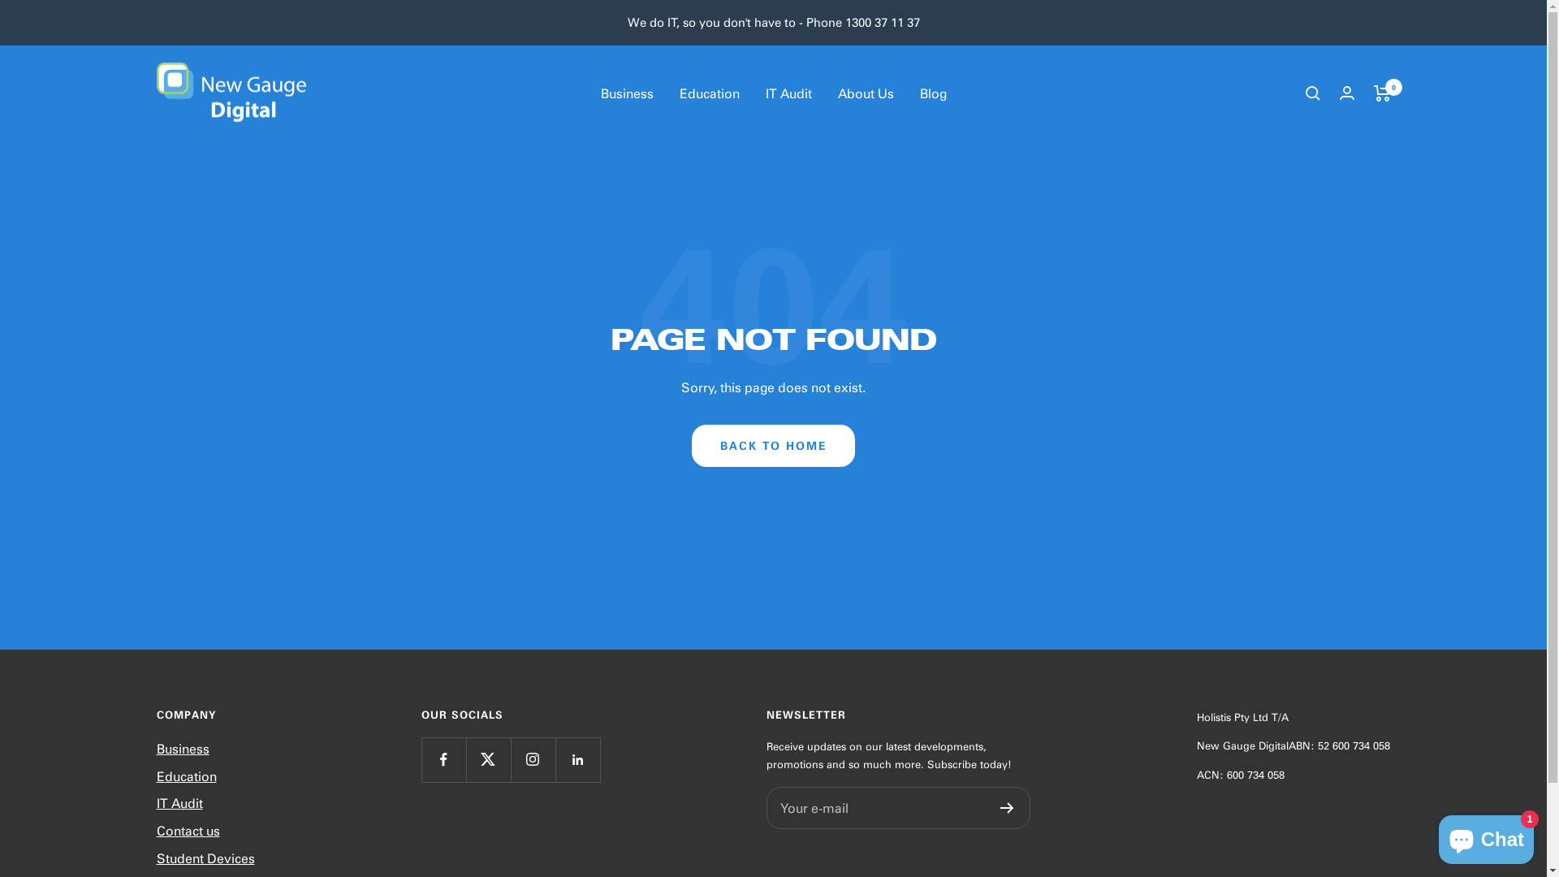  I want to click on 'Contact us', so click(187, 830).